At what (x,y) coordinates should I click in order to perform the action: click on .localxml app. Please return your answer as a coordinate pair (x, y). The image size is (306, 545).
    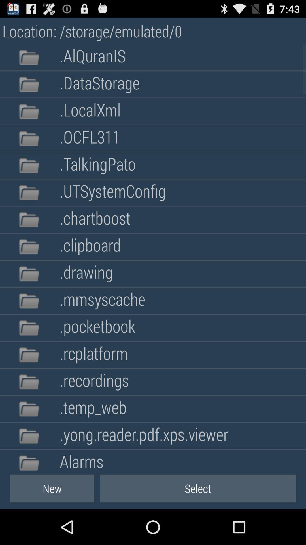
    Looking at the image, I should click on (90, 111).